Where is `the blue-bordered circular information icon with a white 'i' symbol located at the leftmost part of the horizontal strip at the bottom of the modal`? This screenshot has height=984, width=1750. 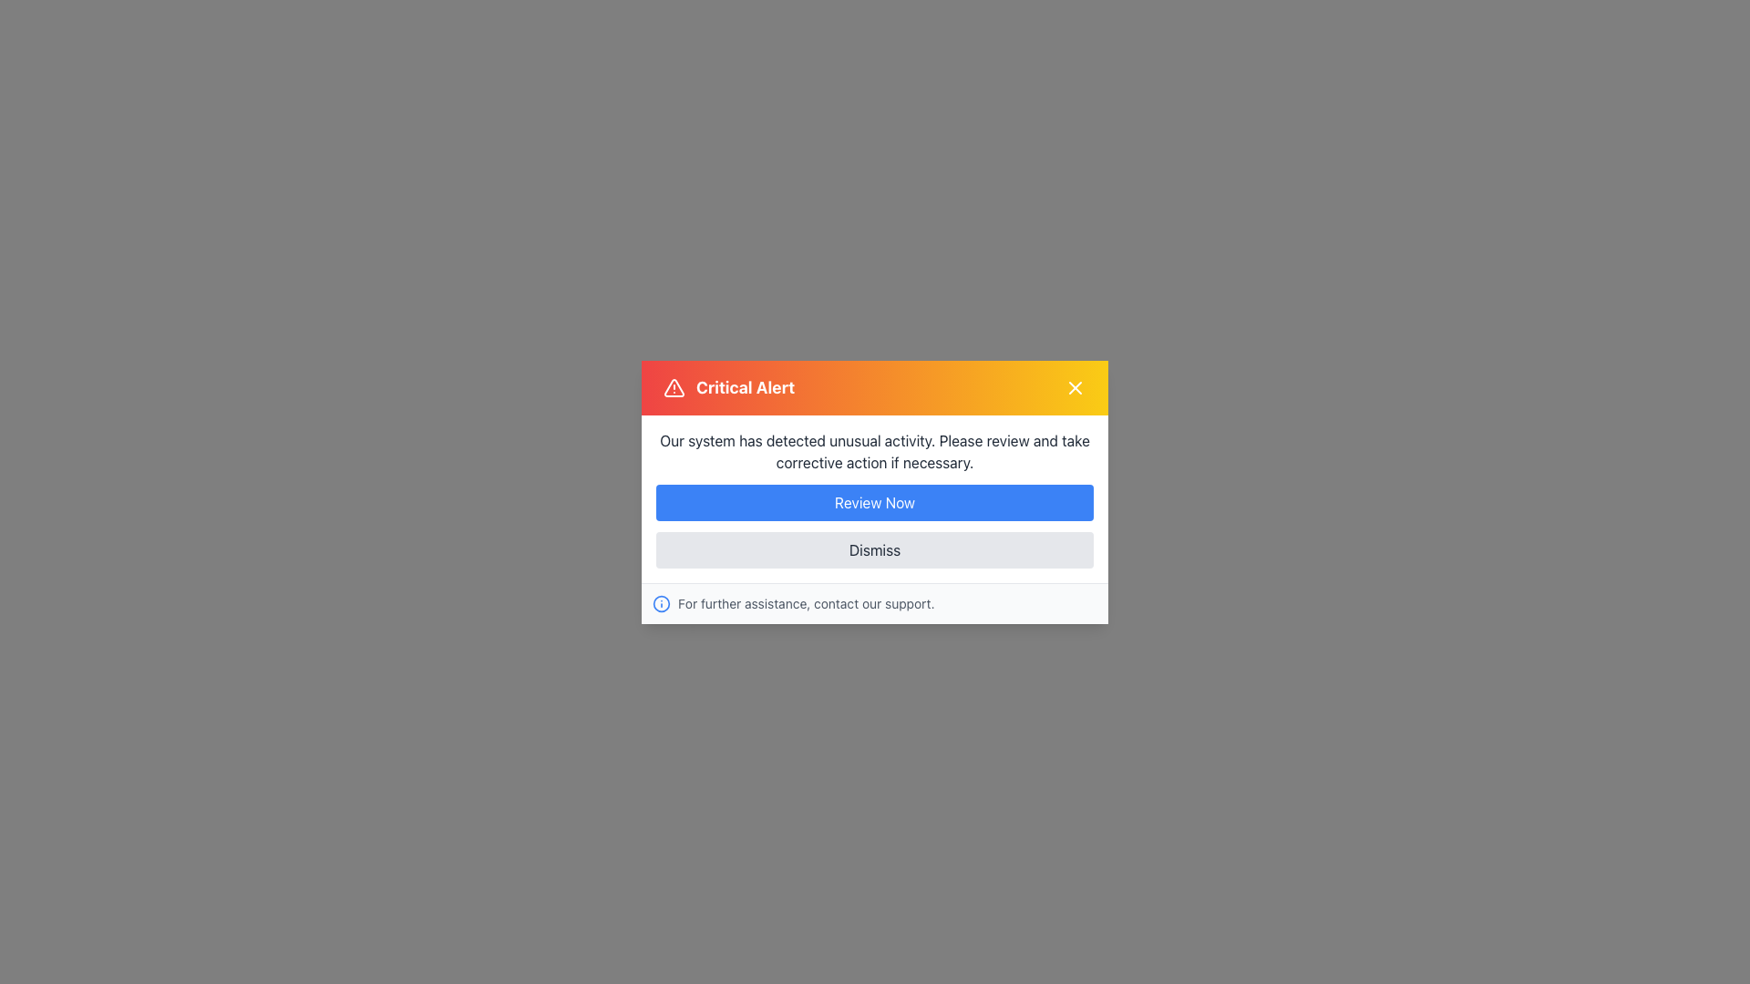
the blue-bordered circular information icon with a white 'i' symbol located at the leftmost part of the horizontal strip at the bottom of the modal is located at coordinates (660, 603).